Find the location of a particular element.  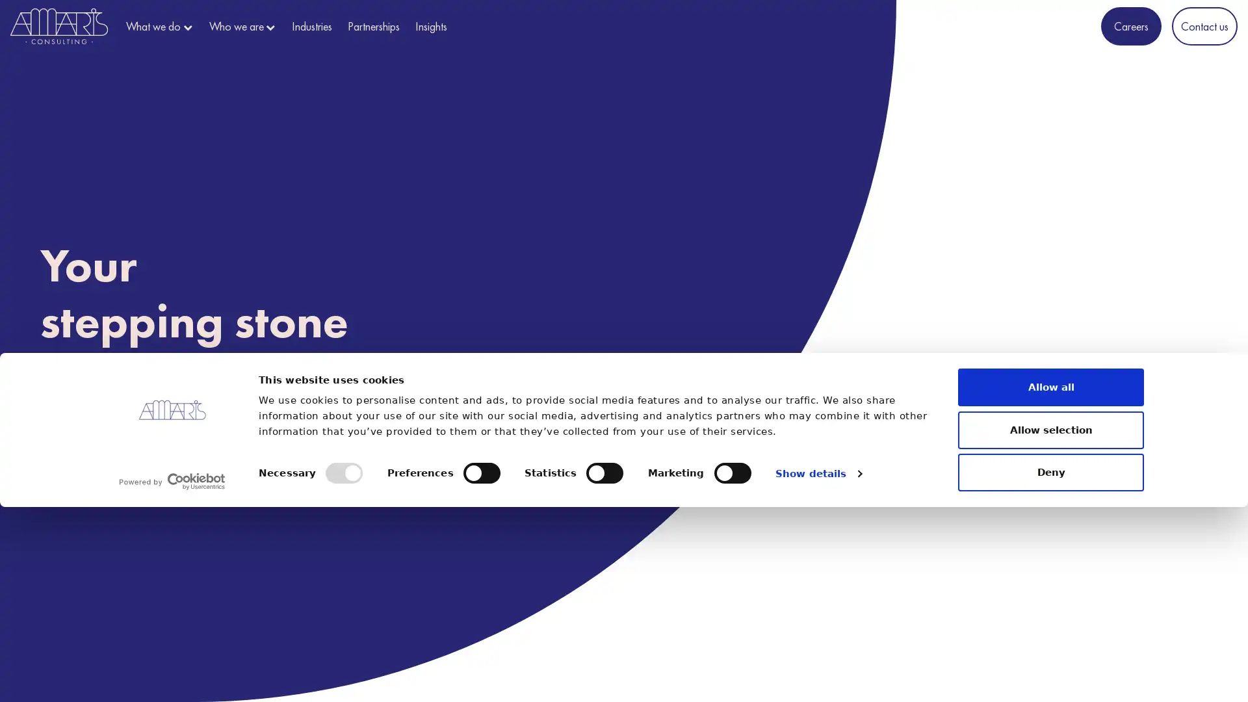

Allow all is located at coordinates (1051, 581).